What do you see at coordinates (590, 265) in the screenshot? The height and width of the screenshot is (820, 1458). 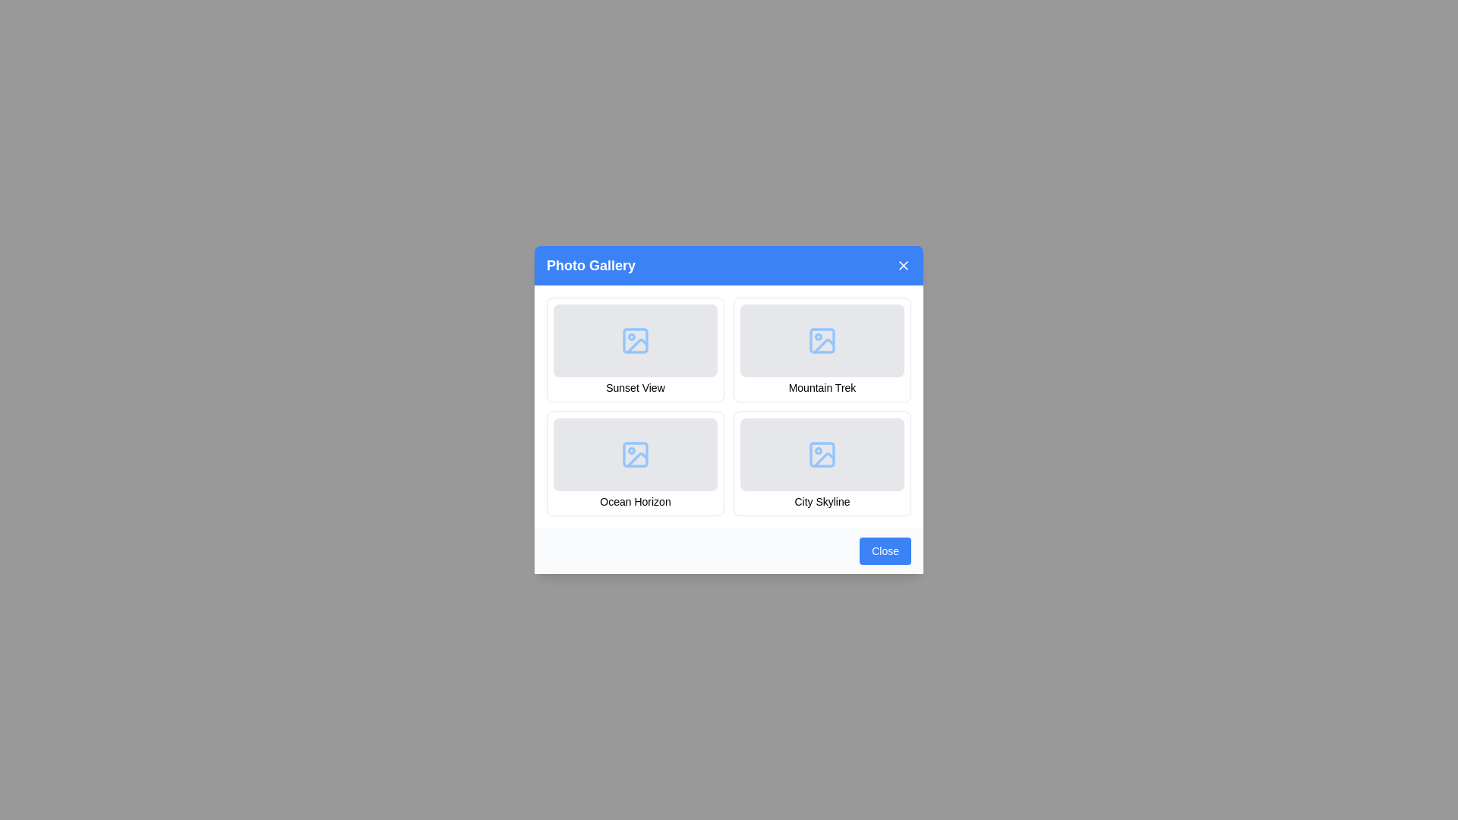 I see `the title label located on the left side of the blue header bar at the top of the modal interface` at bounding box center [590, 265].